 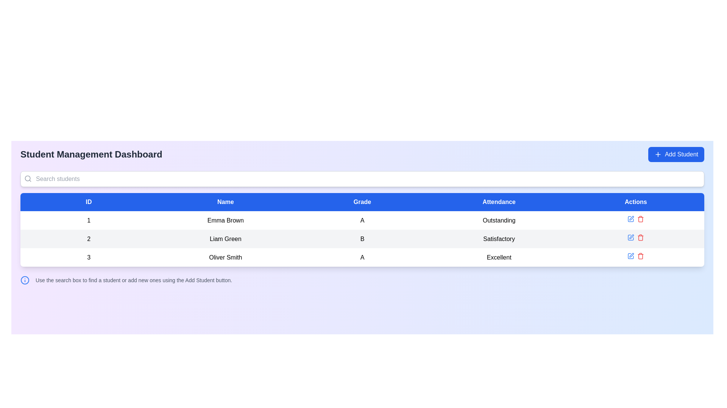 I want to click on the red trash bin icon, so click(x=640, y=237).